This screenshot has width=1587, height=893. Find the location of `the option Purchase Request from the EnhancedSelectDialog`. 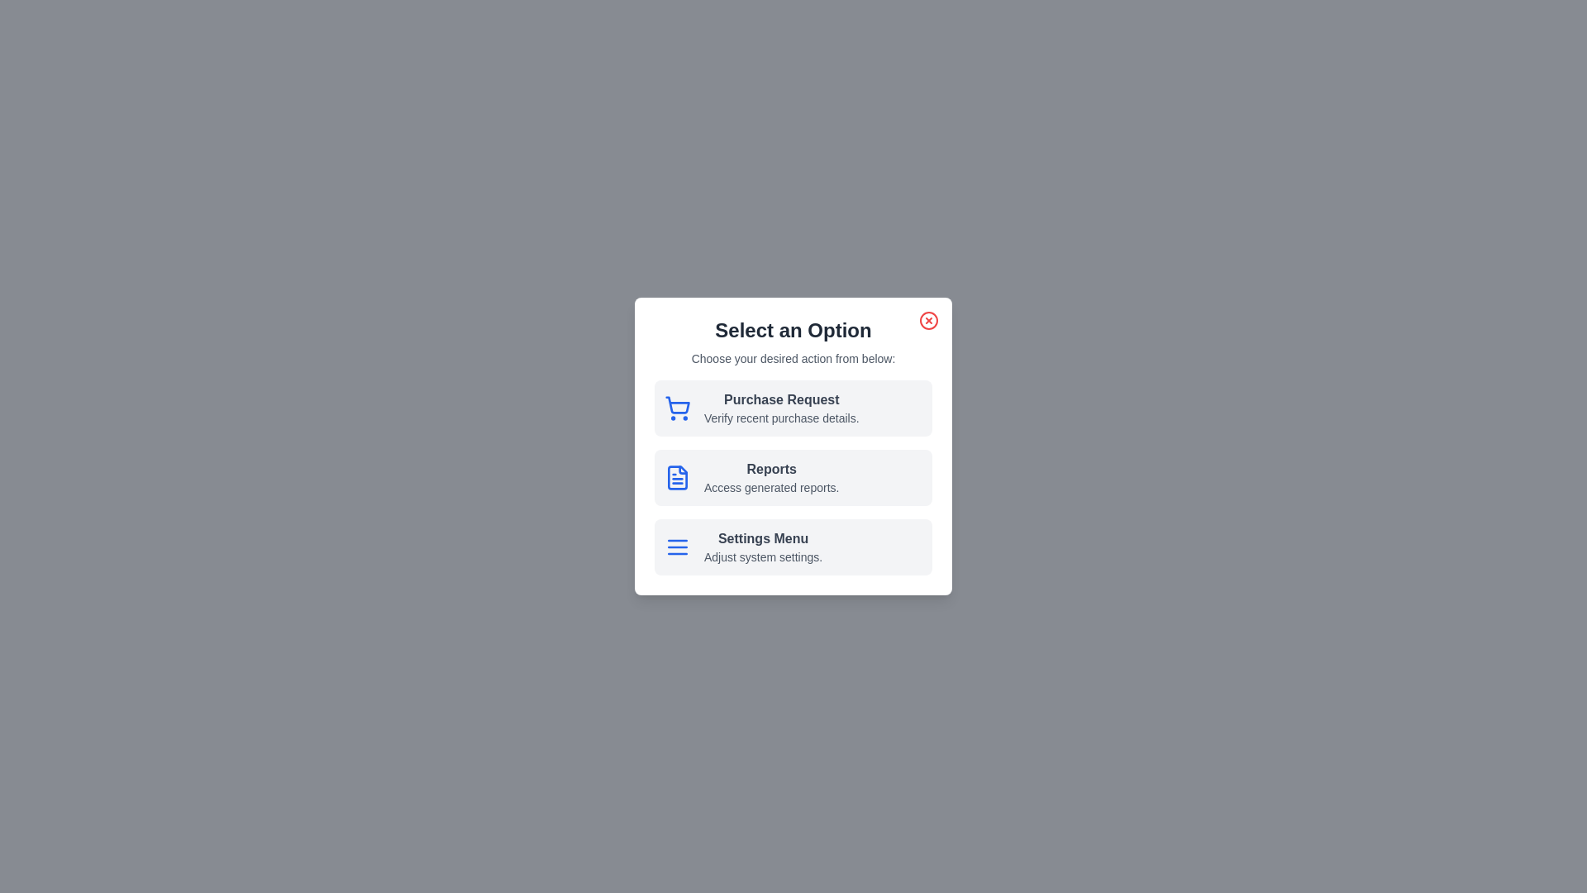

the option Purchase Request from the EnhancedSelectDialog is located at coordinates (793, 408).